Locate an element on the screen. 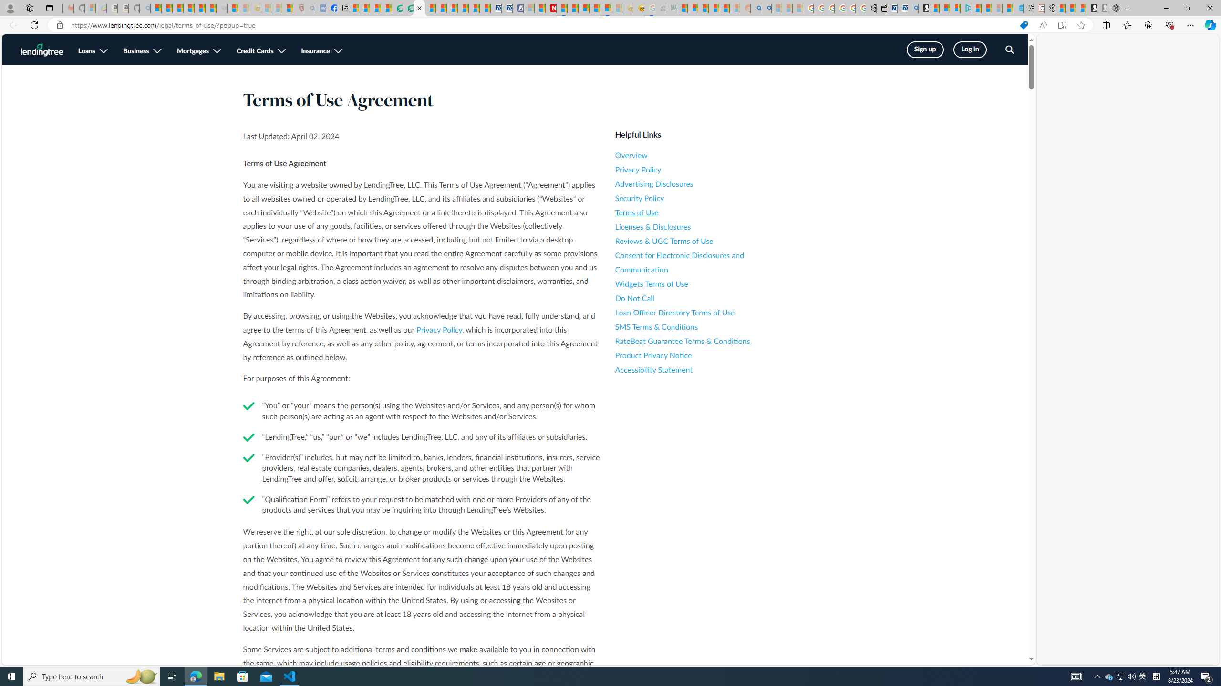 This screenshot has height=686, width=1221. 'Cheap Hotels - Save70.com' is located at coordinates (506, 8).